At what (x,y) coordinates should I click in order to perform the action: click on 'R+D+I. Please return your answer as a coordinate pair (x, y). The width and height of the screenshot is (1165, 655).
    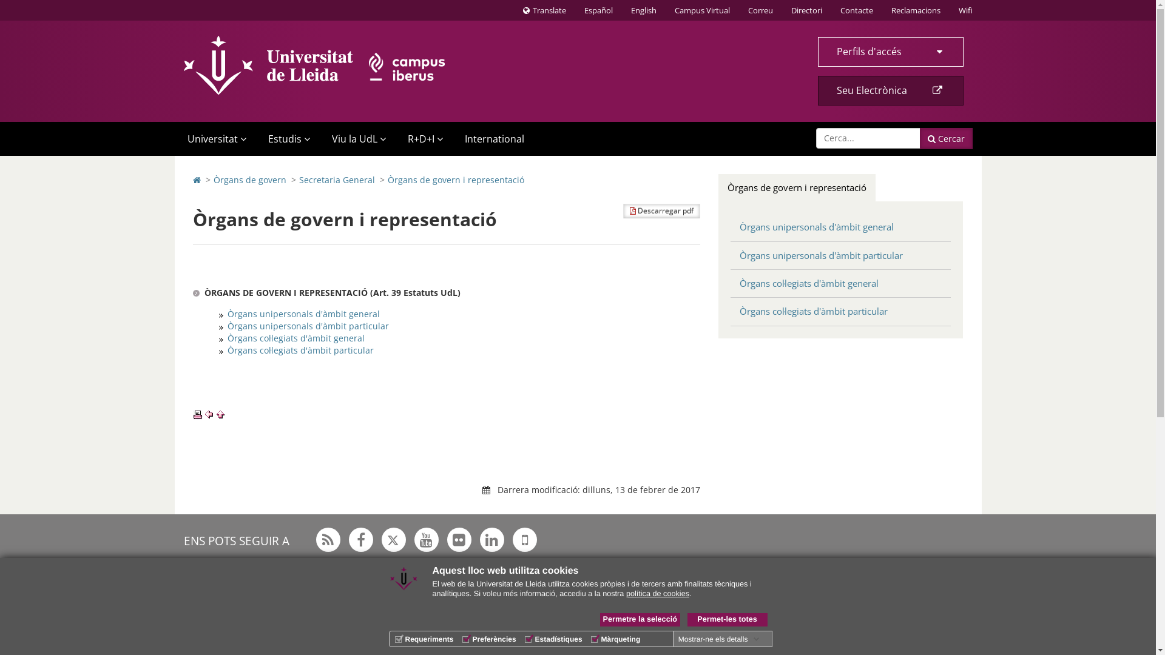
    Looking at the image, I should click on (422, 138).